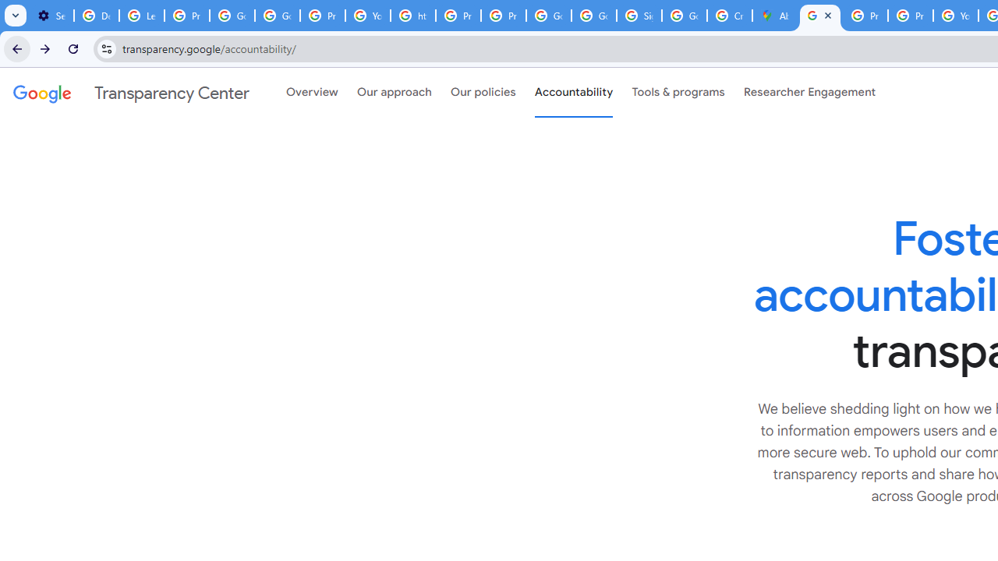 This screenshot has height=561, width=998. What do you see at coordinates (639, 16) in the screenshot?
I see `'Sign in - Google Accounts'` at bounding box center [639, 16].